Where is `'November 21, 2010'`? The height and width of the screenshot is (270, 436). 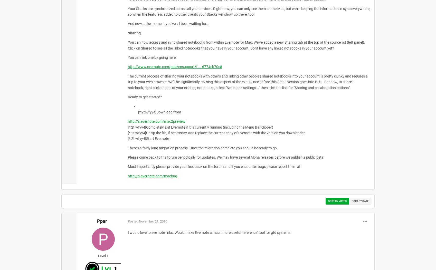
'November 21, 2010' is located at coordinates (153, 221).